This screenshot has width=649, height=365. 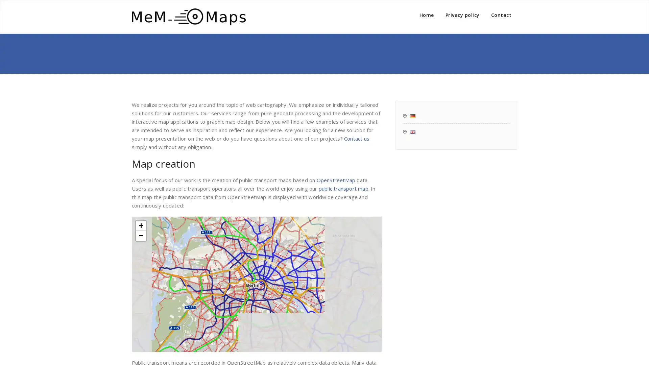 What do you see at coordinates (141, 225) in the screenshot?
I see `Zoom in` at bounding box center [141, 225].